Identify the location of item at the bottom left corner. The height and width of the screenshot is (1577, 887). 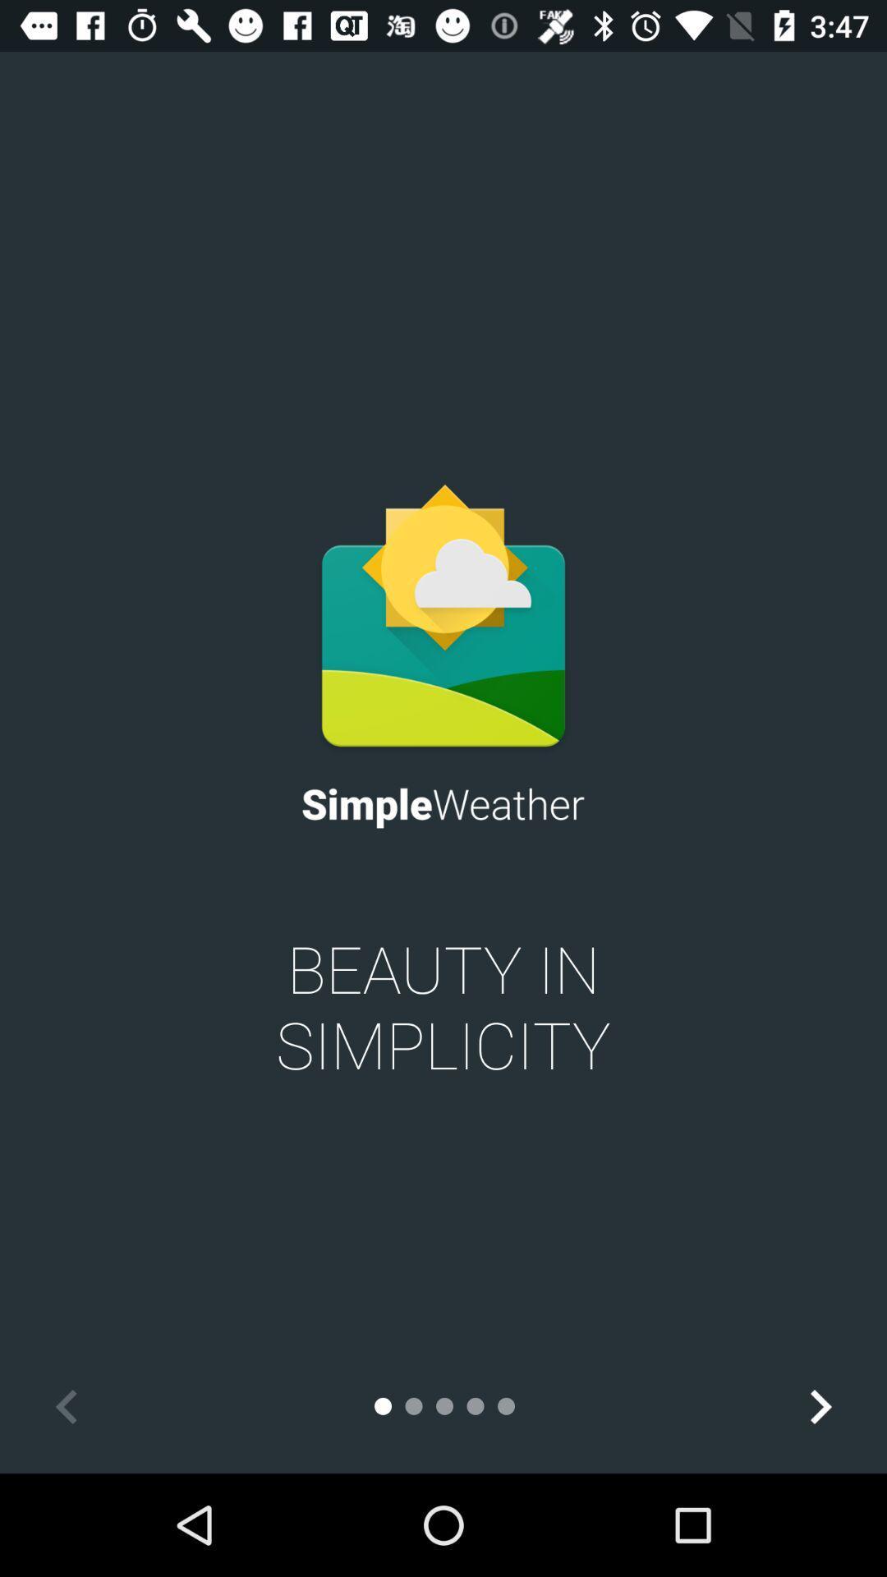
(66, 1405).